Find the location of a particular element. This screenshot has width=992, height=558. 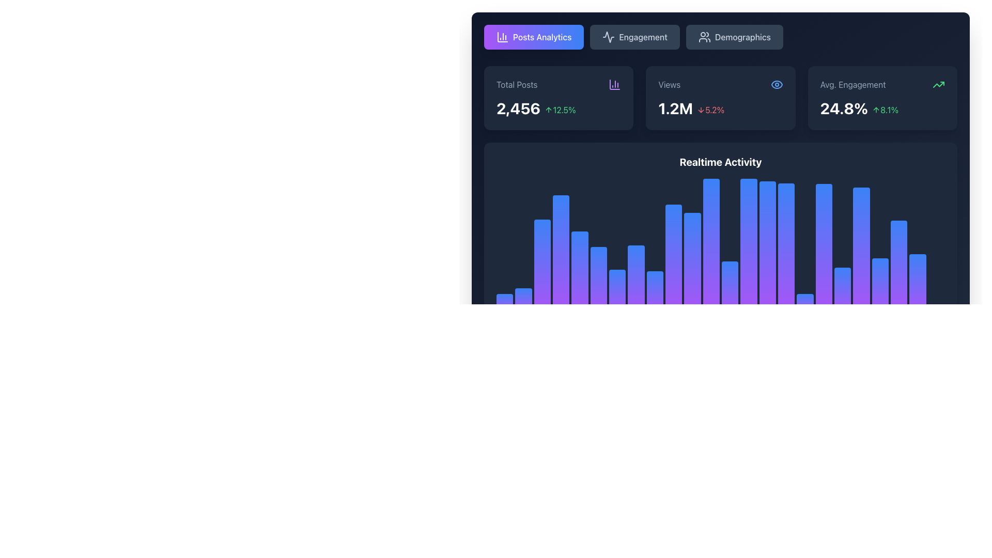

the farthest right graphical bar in the bar chart that represents a specific data point is located at coordinates (936, 245).